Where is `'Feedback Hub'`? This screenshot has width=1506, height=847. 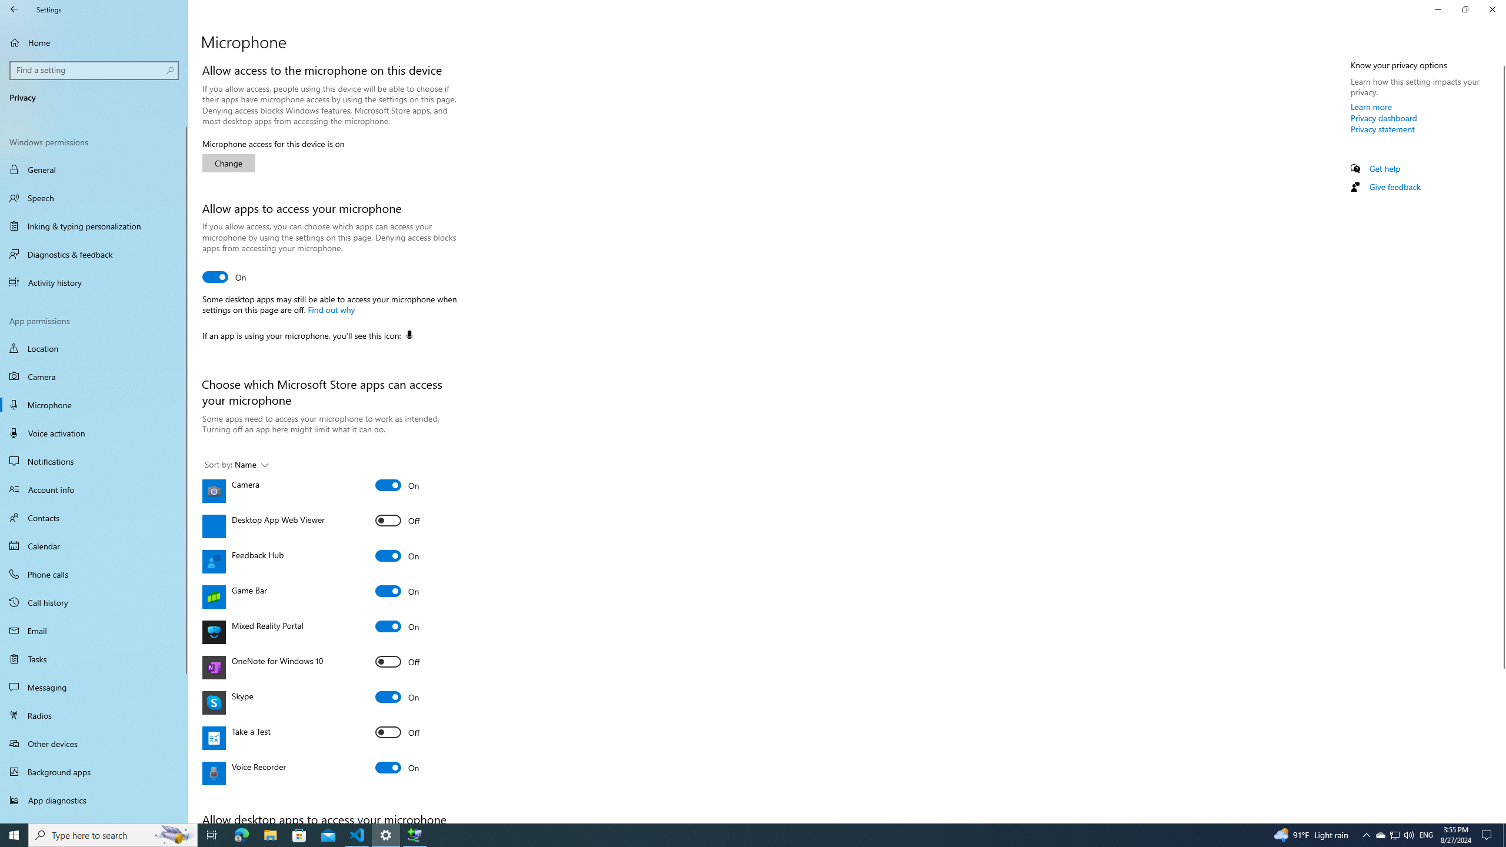
'Feedback Hub' is located at coordinates (397, 555).